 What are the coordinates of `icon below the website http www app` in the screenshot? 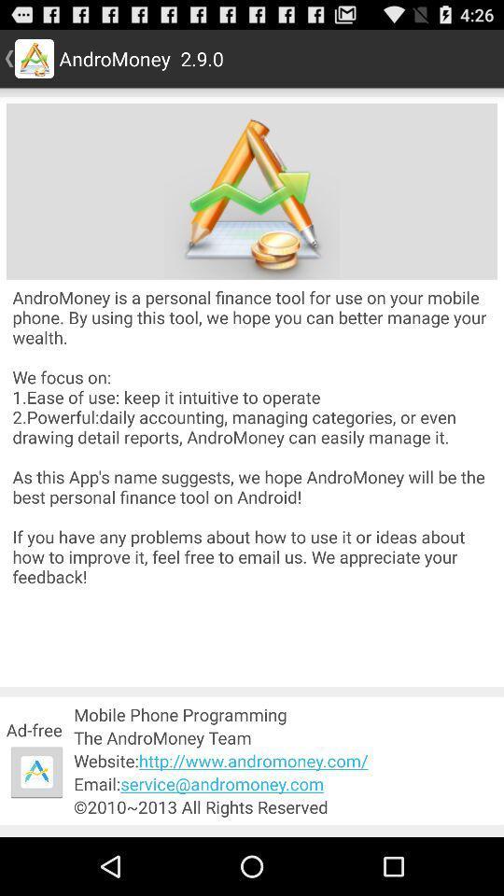 It's located at (286, 784).